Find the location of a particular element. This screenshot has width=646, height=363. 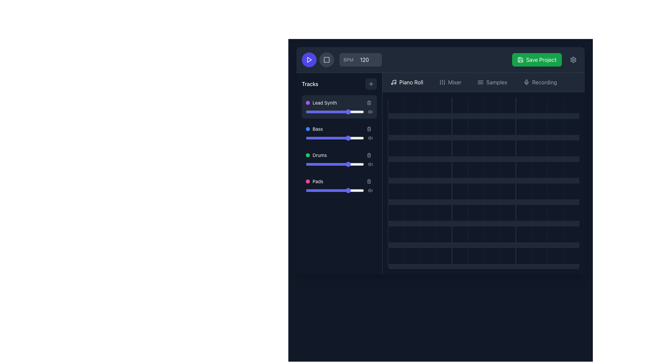

the grid item, which is a square tile with a dark gray background and a thin border on its left side, located in the bottommost row of the grid layout, in the leftmost column is located at coordinates (396, 256).